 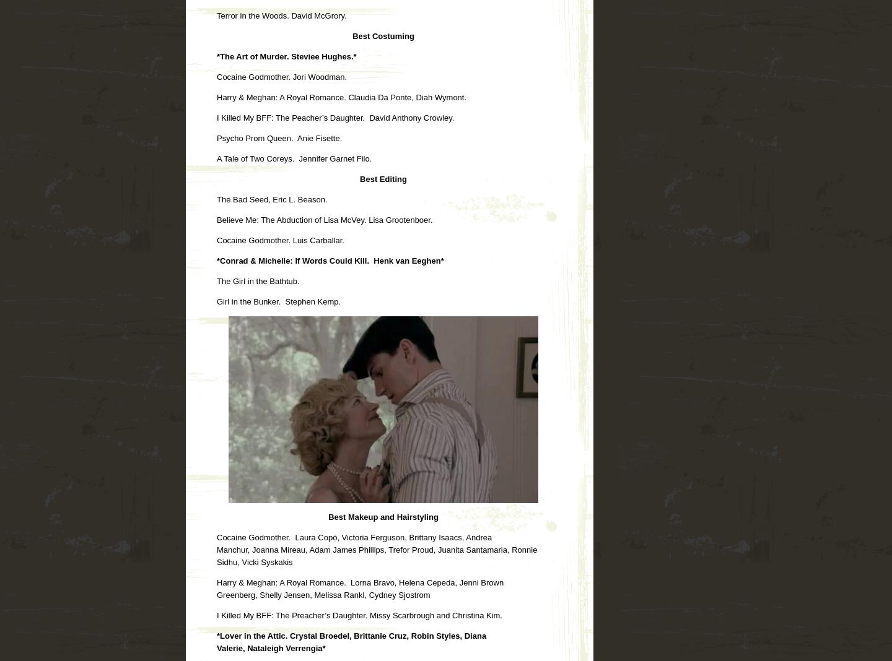 What do you see at coordinates (279, 137) in the screenshot?
I see `'Psycho Prom Queen.  Anie Fisette.'` at bounding box center [279, 137].